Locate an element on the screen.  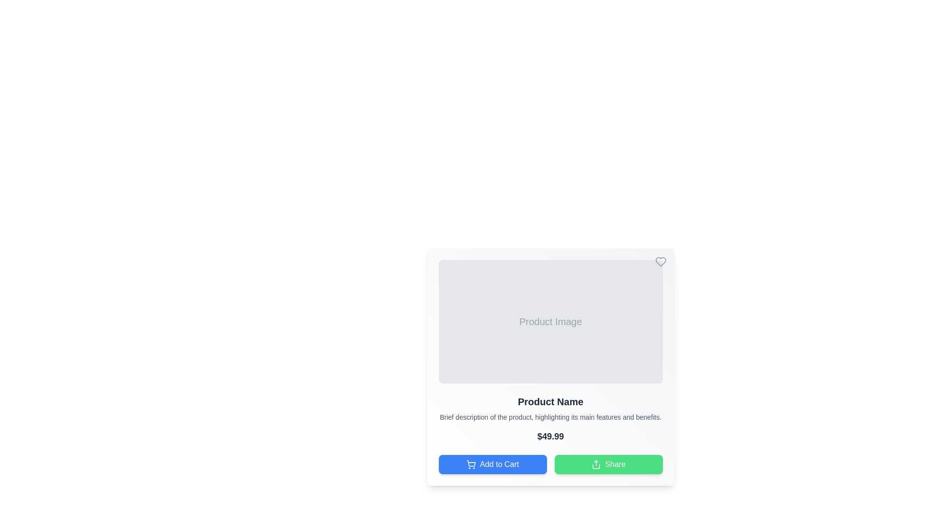
the text label that displays the product name, which is centrally located in the card layout below the 'Product Image' placeholder and above the description text is located at coordinates (550, 402).